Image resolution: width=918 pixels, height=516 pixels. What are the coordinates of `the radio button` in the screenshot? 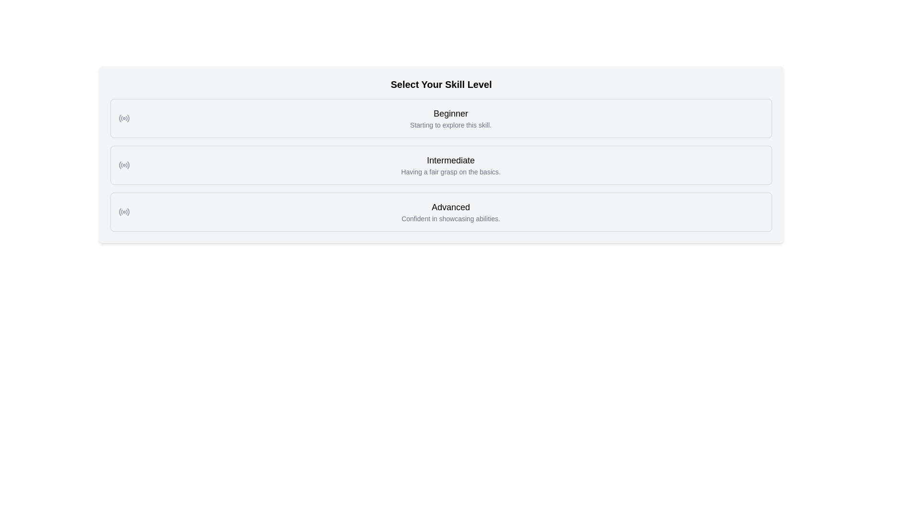 It's located at (123, 211).